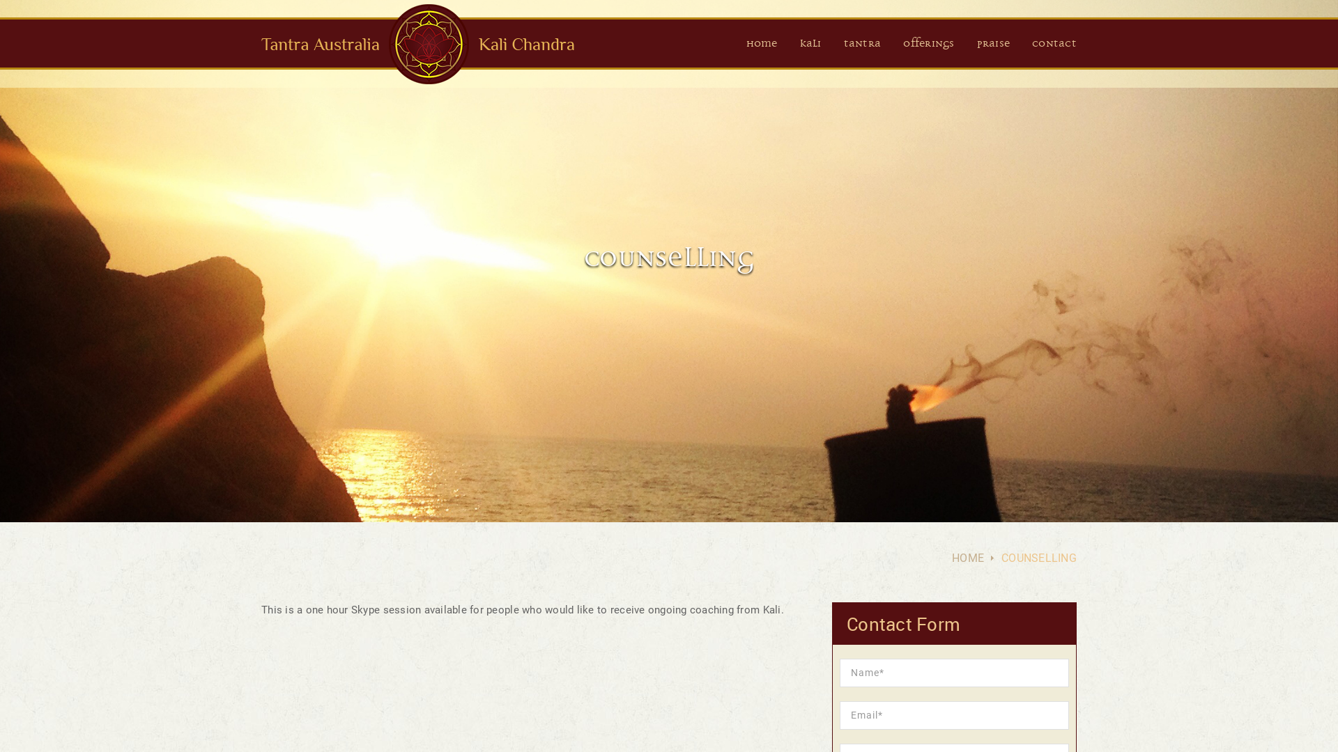 The image size is (1338, 752). Describe the element at coordinates (992, 44) in the screenshot. I see `'PRAISE'` at that location.